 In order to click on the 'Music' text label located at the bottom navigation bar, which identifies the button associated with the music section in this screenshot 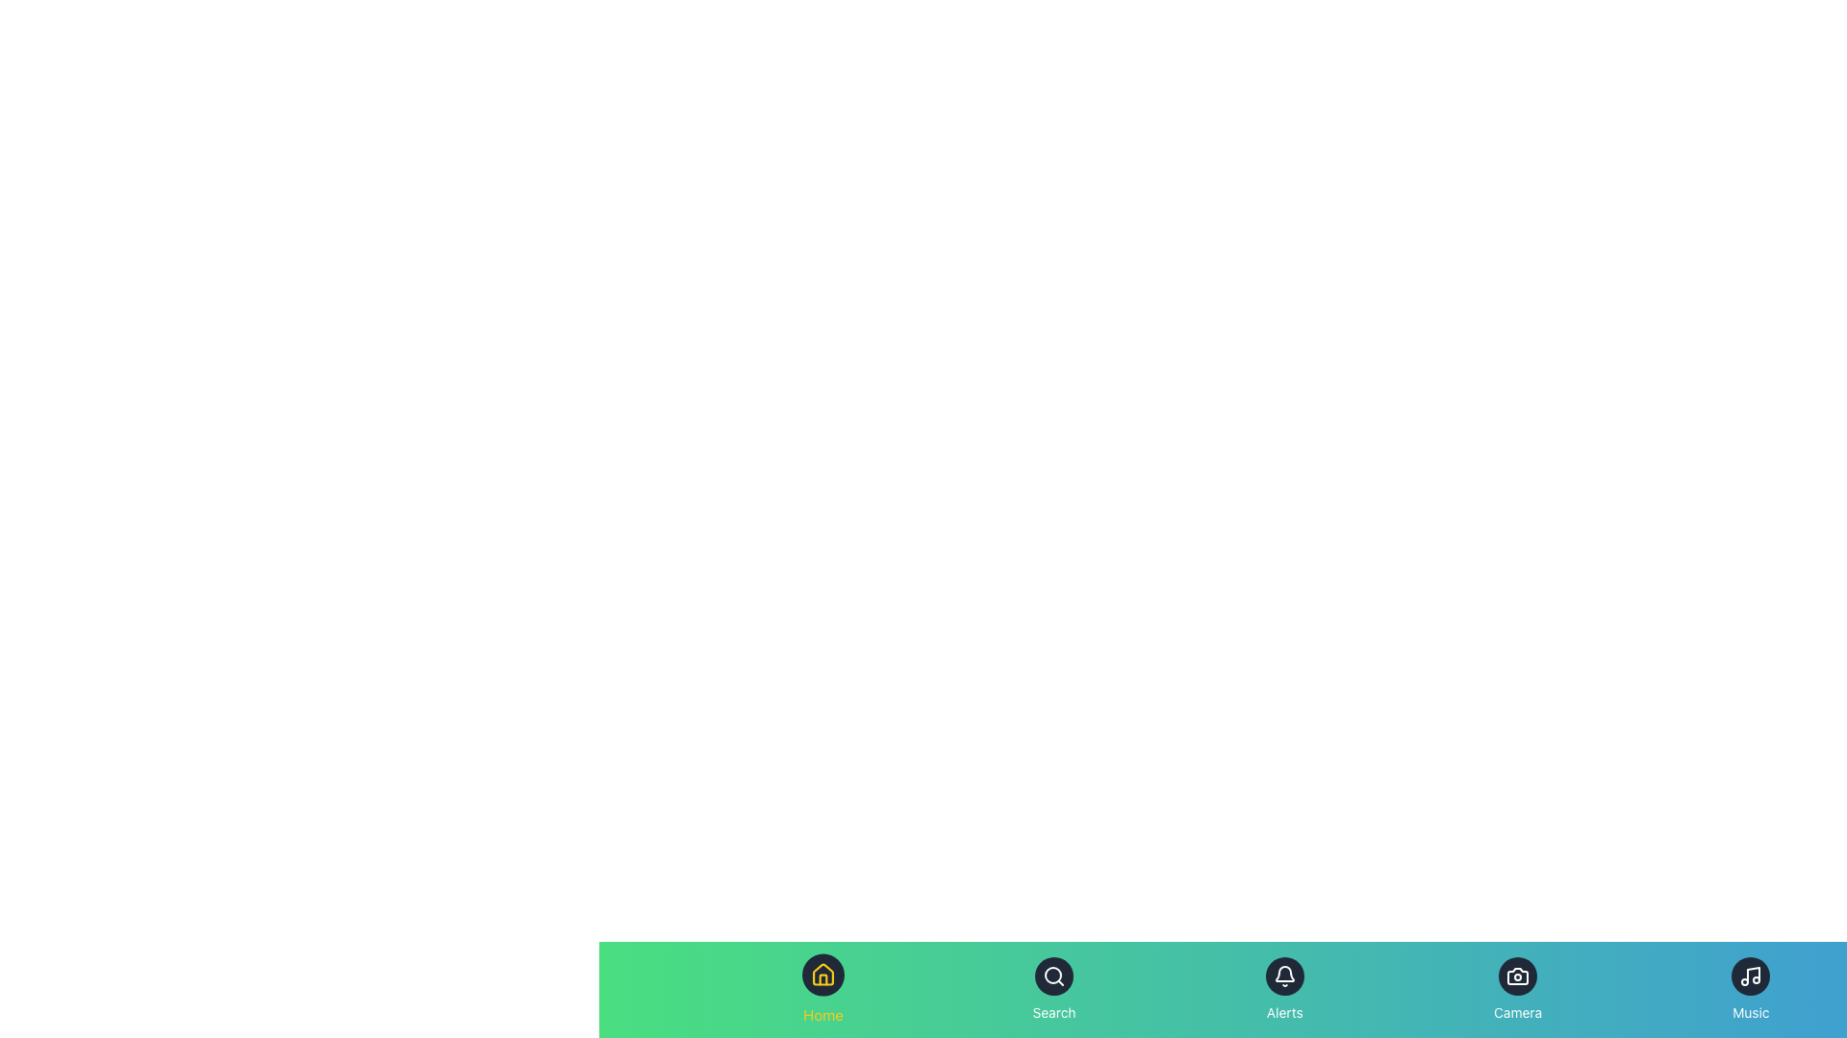, I will do `click(1751, 1011)`.